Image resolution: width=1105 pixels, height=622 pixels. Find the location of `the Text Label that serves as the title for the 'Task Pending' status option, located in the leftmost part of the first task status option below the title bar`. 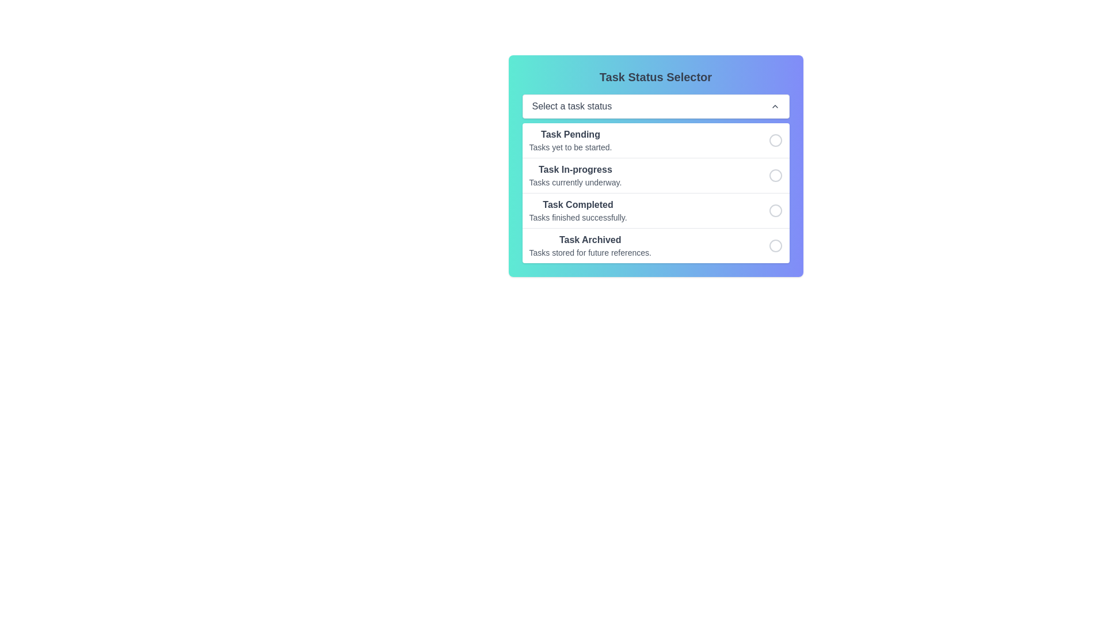

the Text Label that serves as the title for the 'Task Pending' status option, located in the leftmost part of the first task status option below the title bar is located at coordinates (570, 134).